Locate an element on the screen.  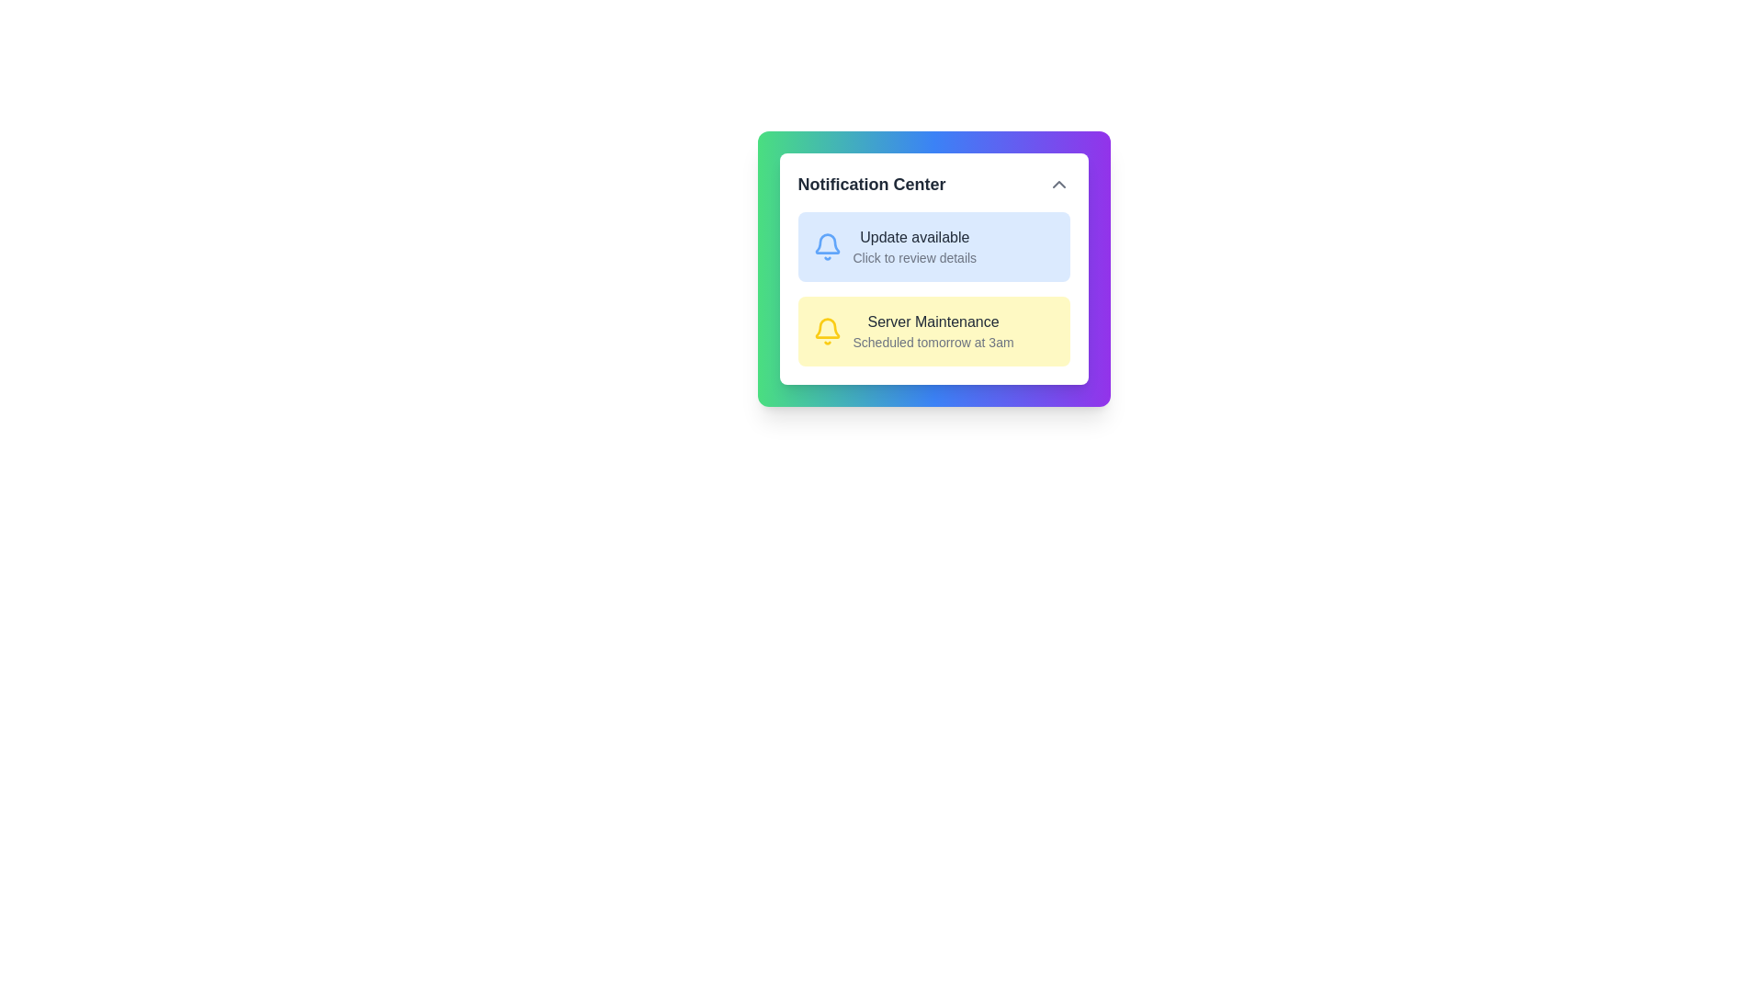
the Notification card located in the Notification Center, which indicates an available update is located at coordinates (933, 269).